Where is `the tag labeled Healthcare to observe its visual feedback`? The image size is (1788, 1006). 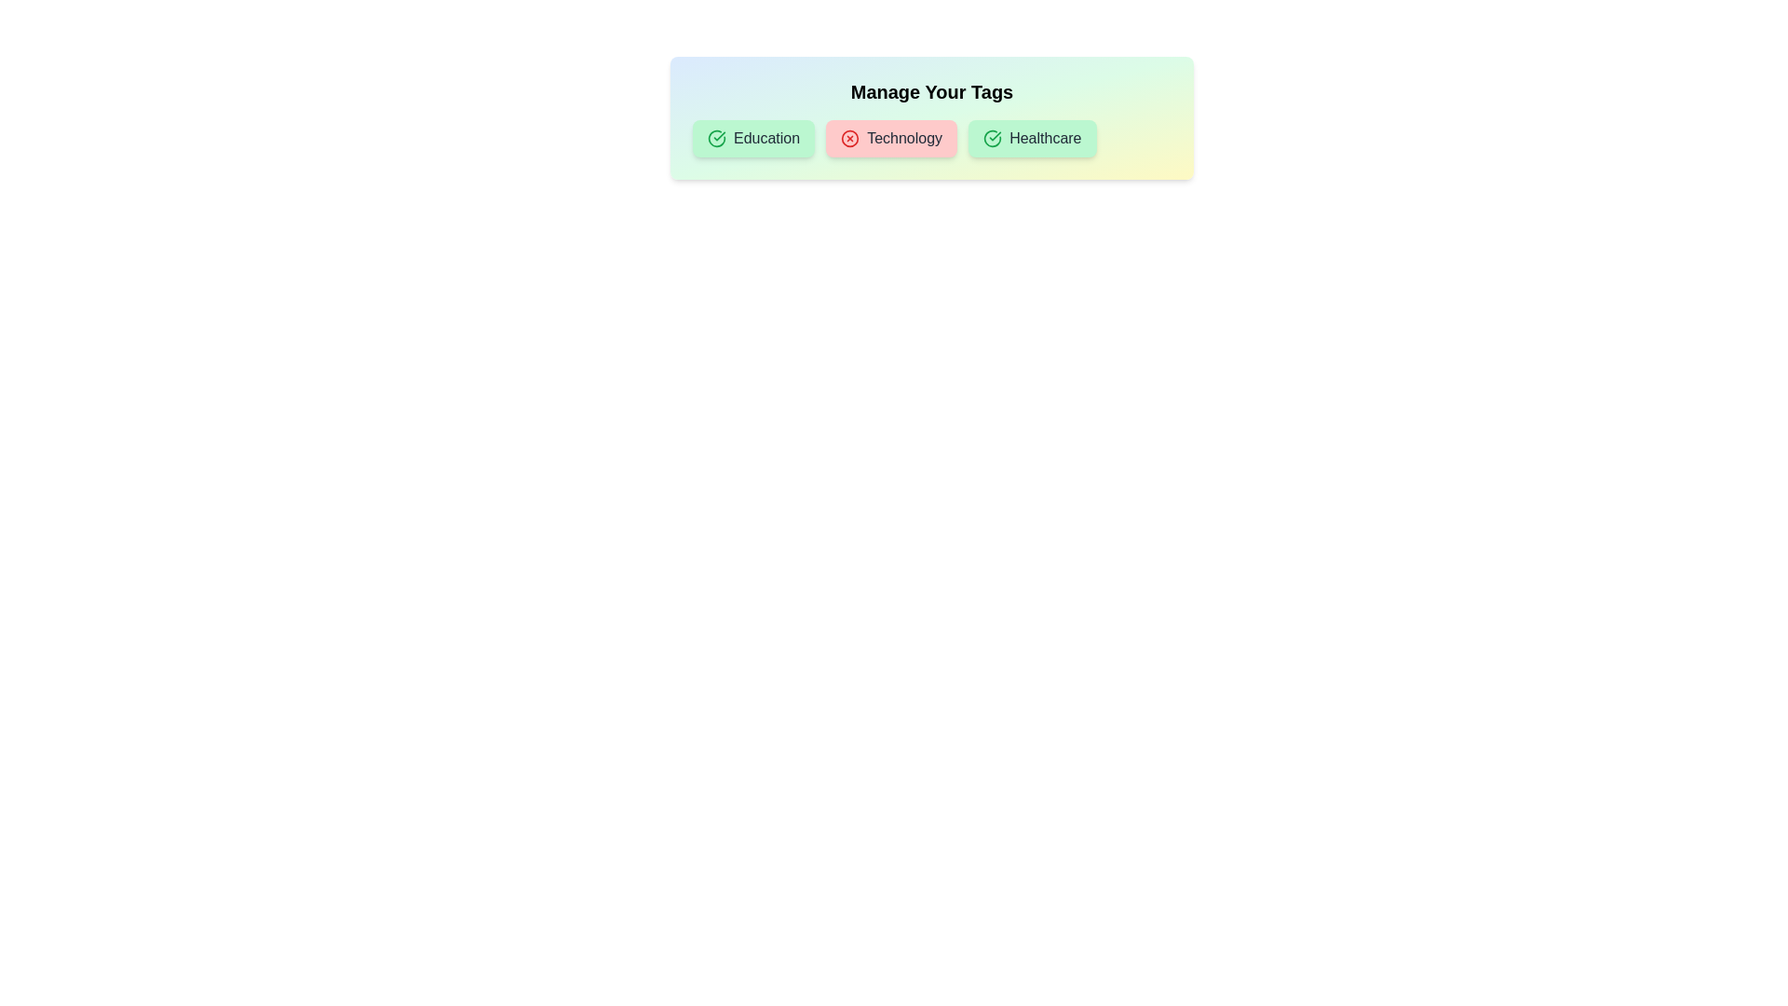
the tag labeled Healthcare to observe its visual feedback is located at coordinates (1031, 138).